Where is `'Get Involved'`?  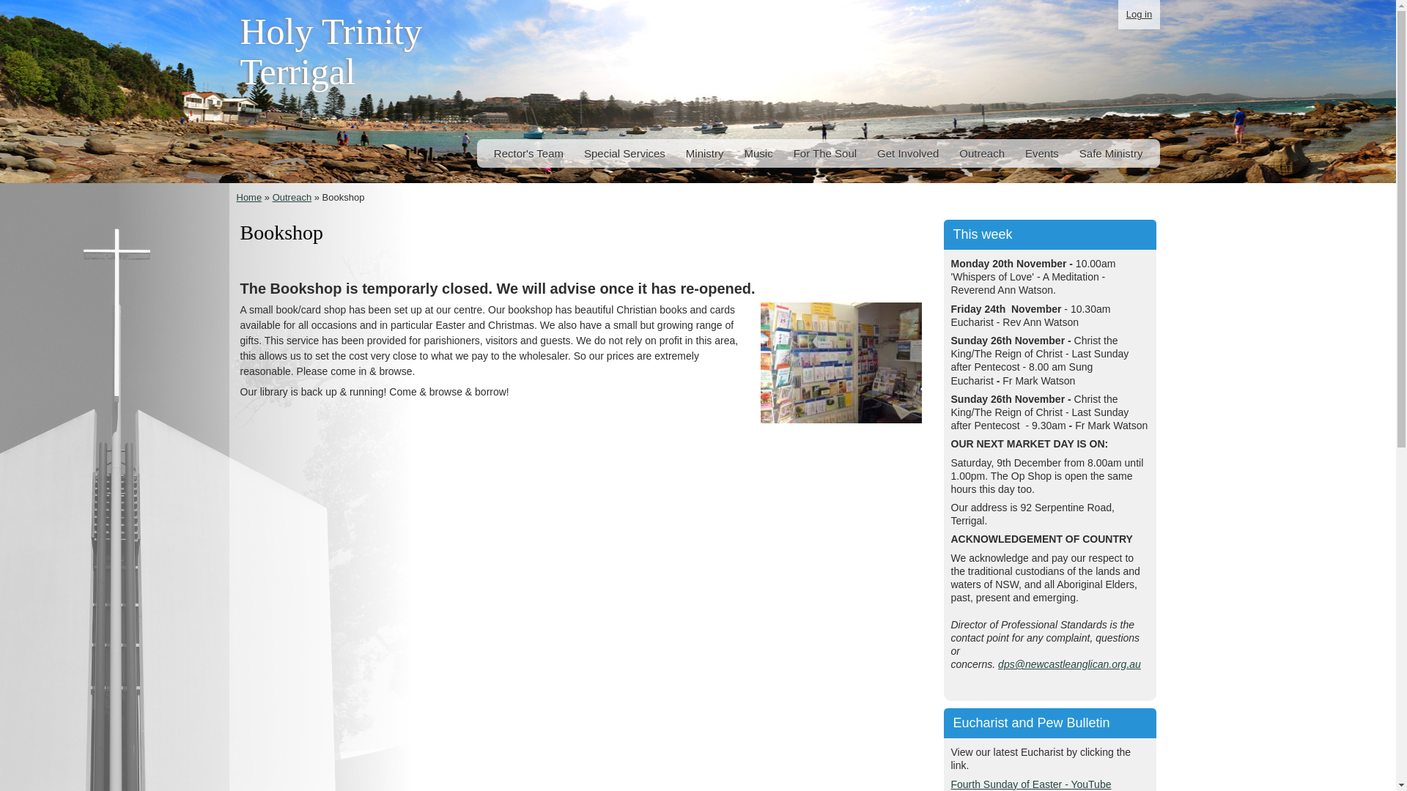 'Get Involved' is located at coordinates (906, 153).